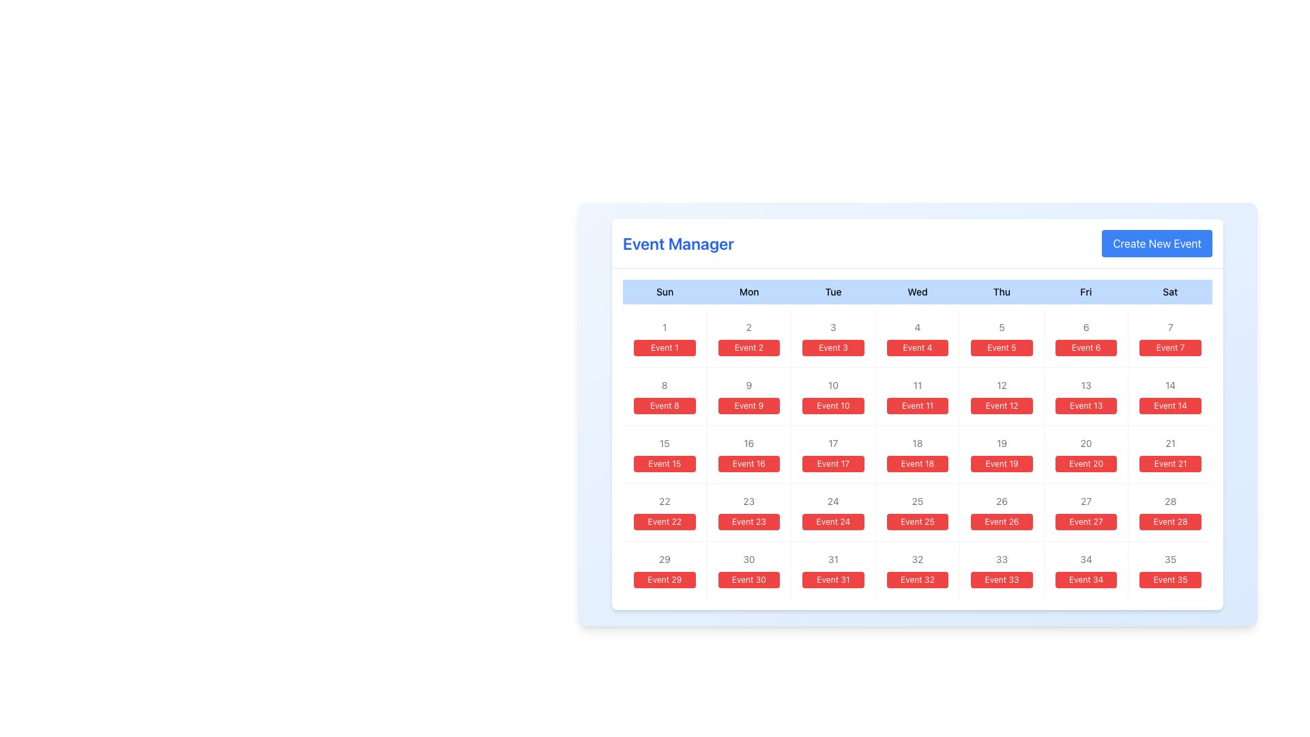  I want to click on the text label displaying the number '20' in gray font, located above the red button labeled 'Event 20' in the calendar grid under column 'Fri' and row '4.', so click(1086, 444).